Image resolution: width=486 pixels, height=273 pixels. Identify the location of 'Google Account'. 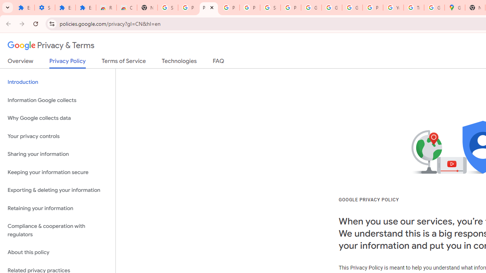
(332, 8).